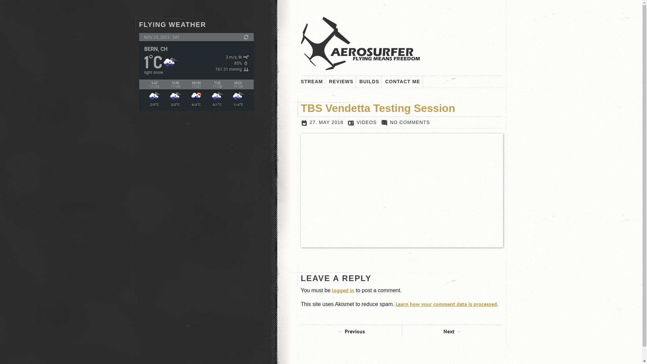  Describe the element at coordinates (300, 81) in the screenshot. I see `'STREAM'` at that location.